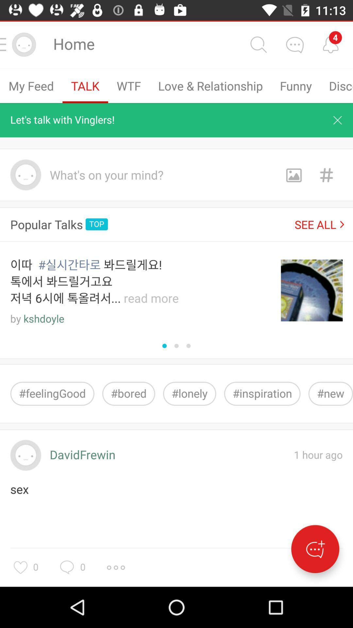 This screenshot has height=628, width=353. Describe the element at coordinates (293, 175) in the screenshot. I see `gallery button` at that location.